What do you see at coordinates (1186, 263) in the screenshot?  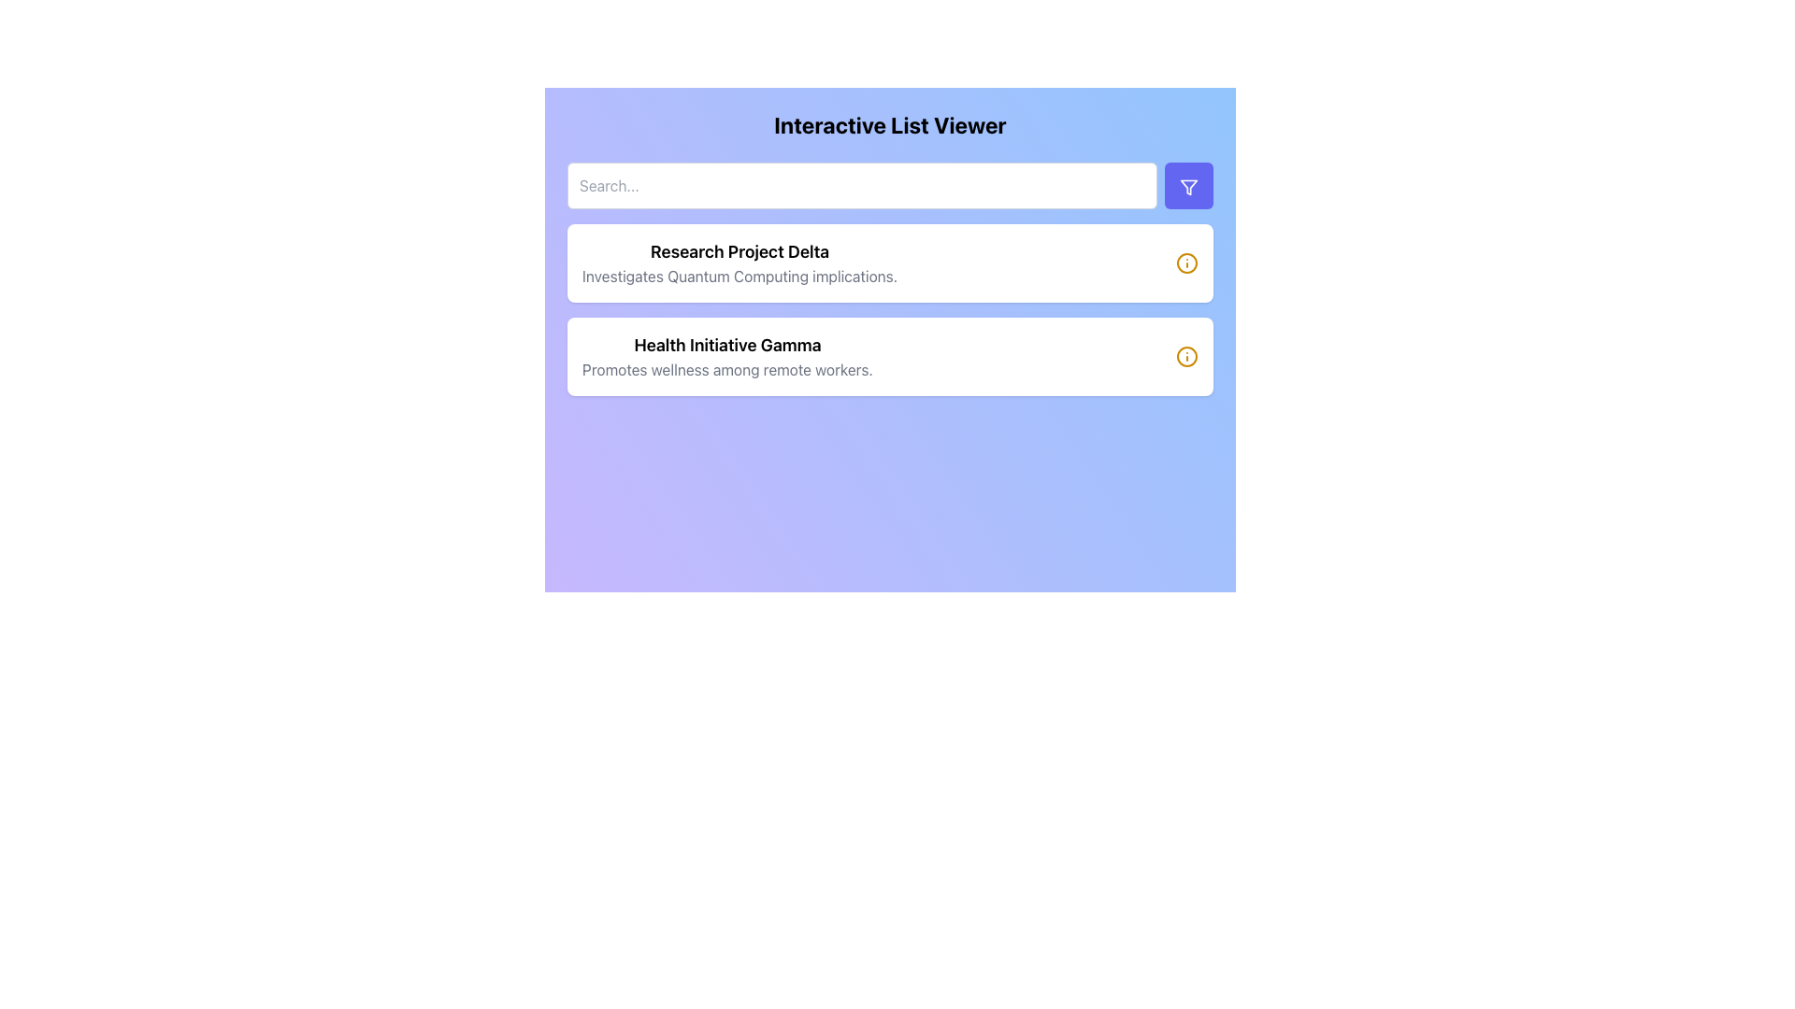 I see `the icon button located to the far right within the card labeled 'Research Project Delta'` at bounding box center [1186, 263].